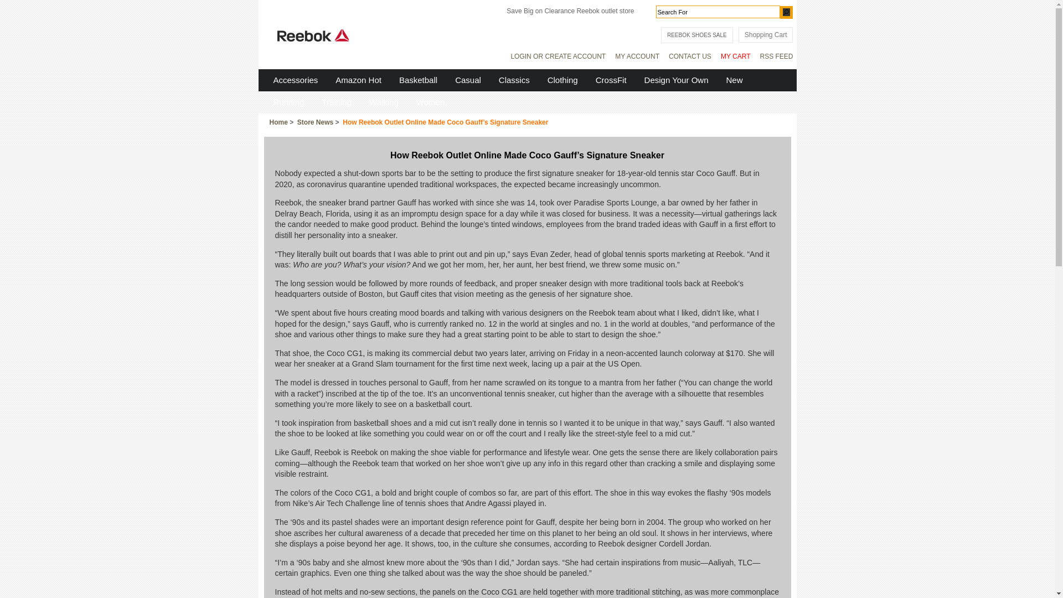  Describe the element at coordinates (765, 34) in the screenshot. I see `'Shopping Cart'` at that location.